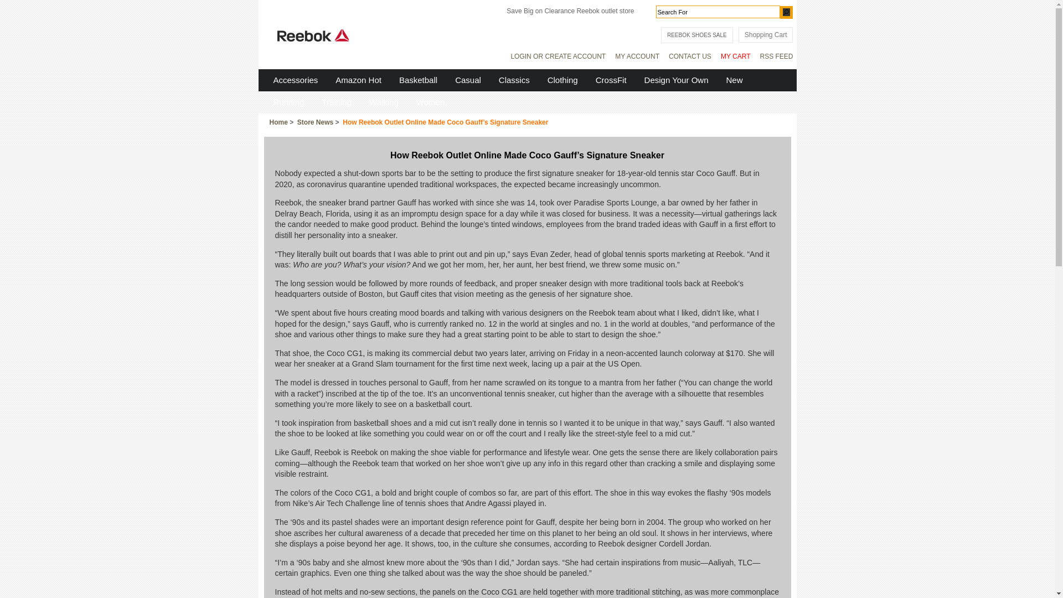  Describe the element at coordinates (765, 34) in the screenshot. I see `'Shopping Cart'` at that location.